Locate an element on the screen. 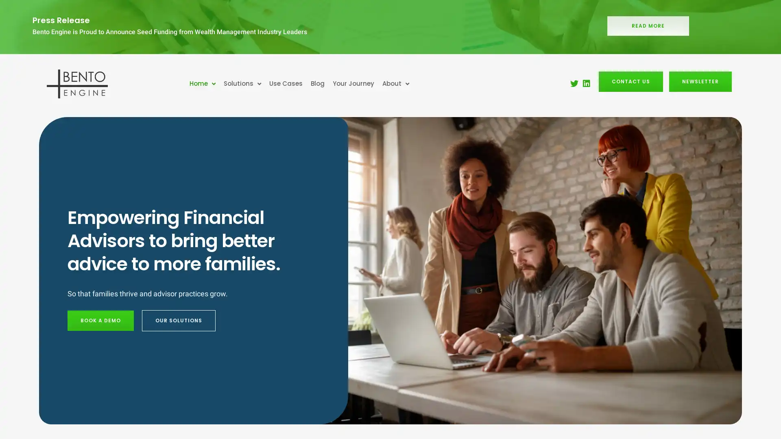 This screenshot has height=439, width=781. READ MORE is located at coordinates (647, 26).